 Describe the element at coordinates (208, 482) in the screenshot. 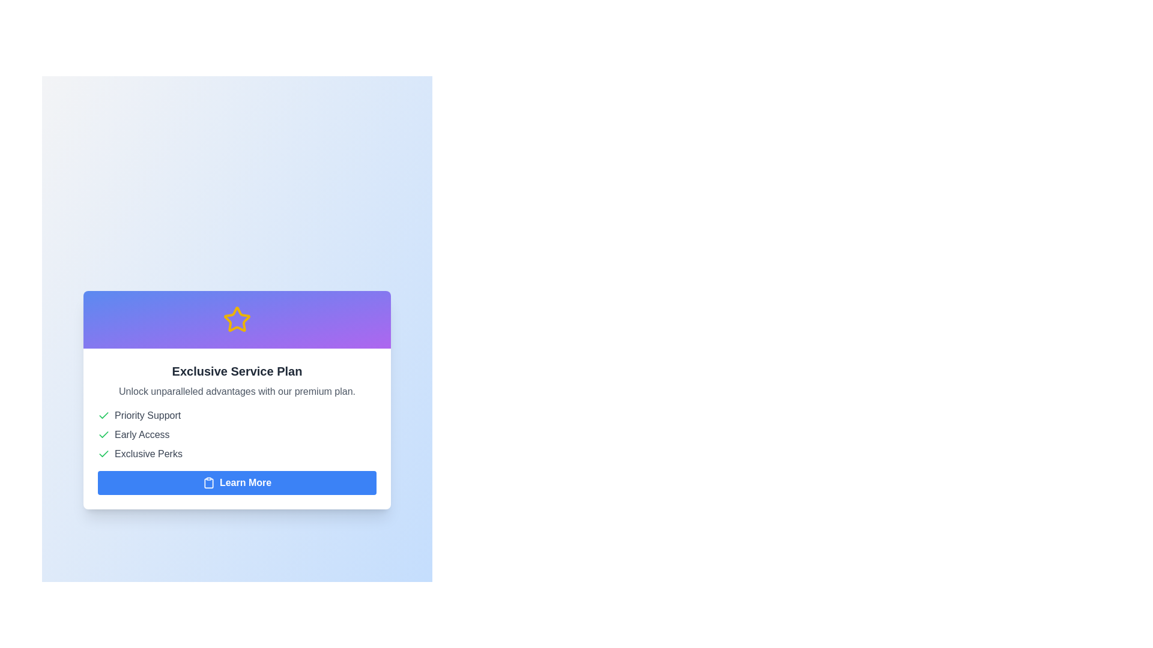

I see `the clipboard icon located within the 'Learn More' button at the bottom of the card-like structure` at that location.